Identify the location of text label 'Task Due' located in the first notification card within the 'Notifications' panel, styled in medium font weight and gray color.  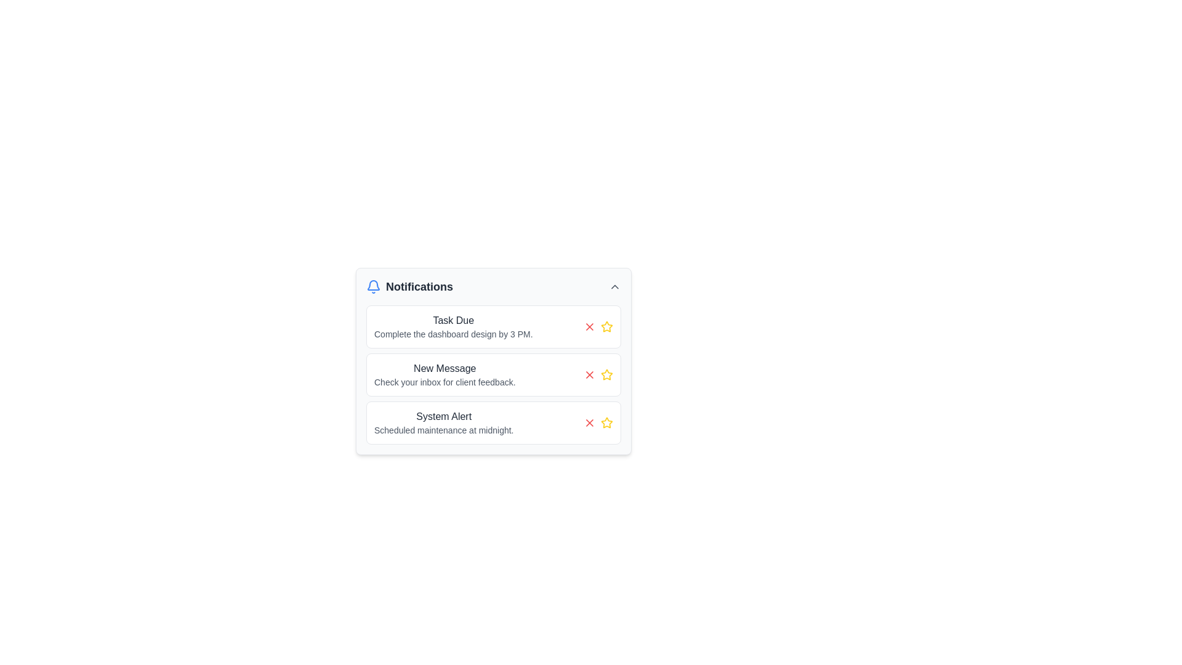
(452, 320).